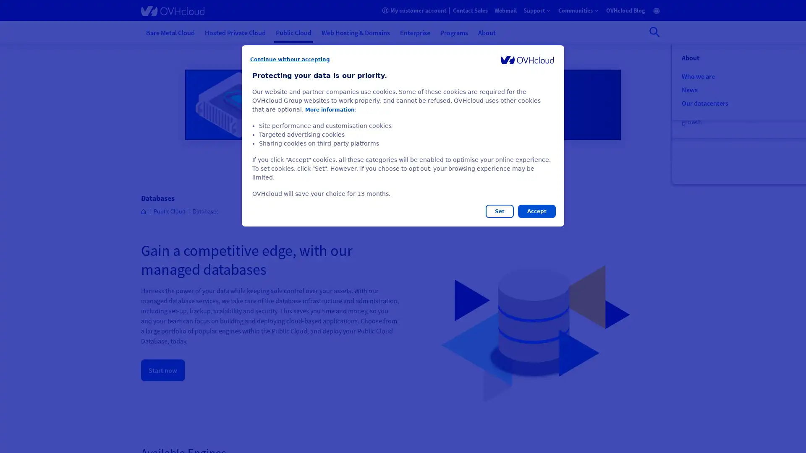 Image resolution: width=806 pixels, height=453 pixels. What do you see at coordinates (500, 211) in the screenshot?
I see `Set` at bounding box center [500, 211].